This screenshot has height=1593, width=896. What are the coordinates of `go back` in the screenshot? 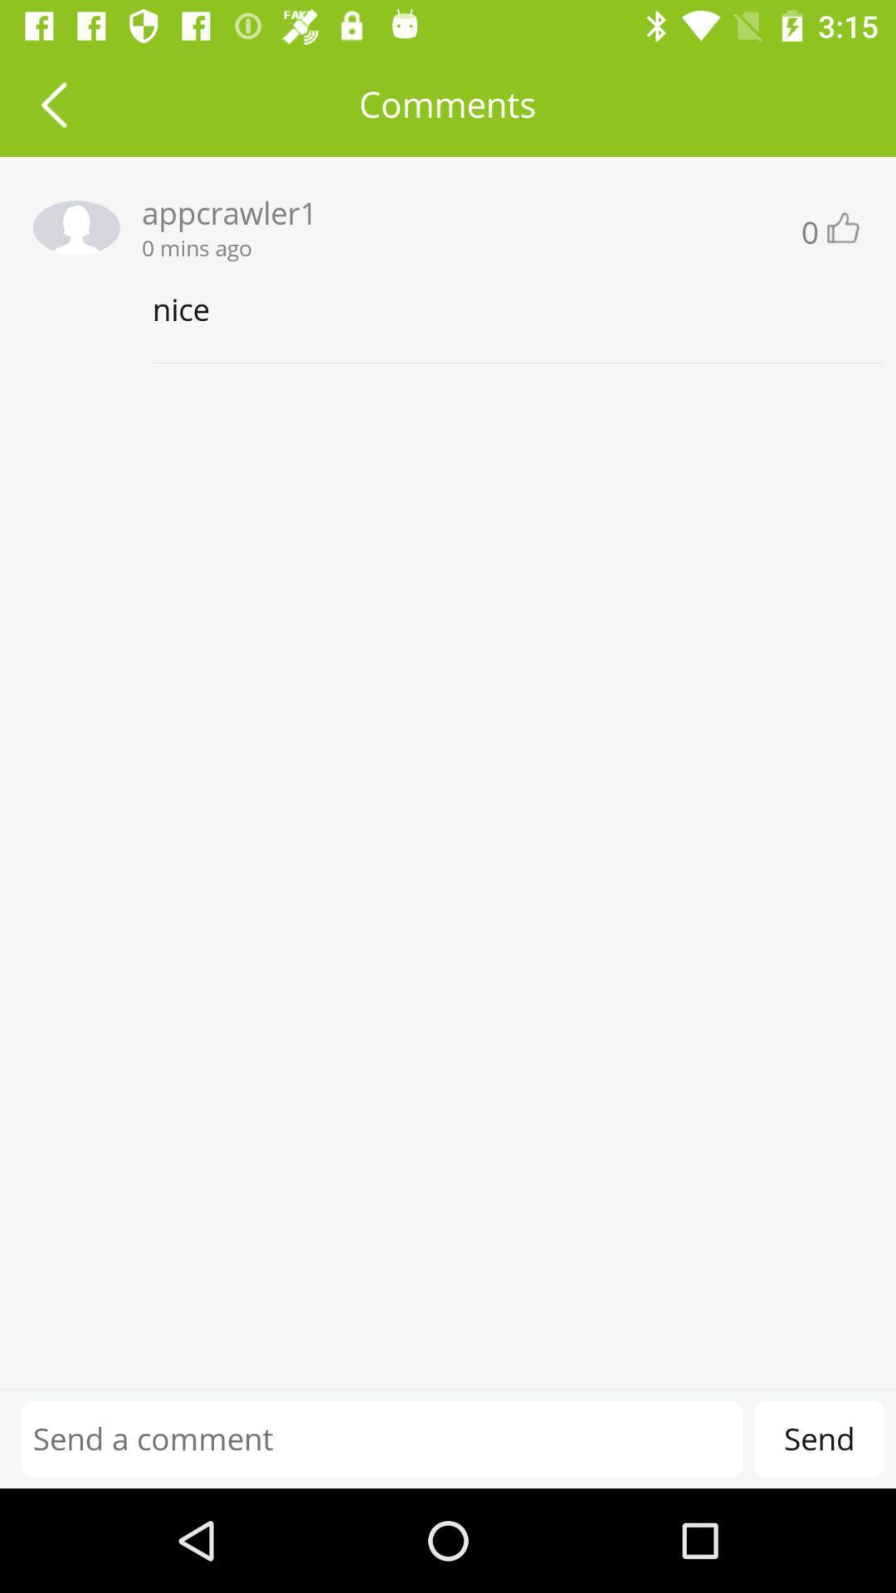 It's located at (52, 103).